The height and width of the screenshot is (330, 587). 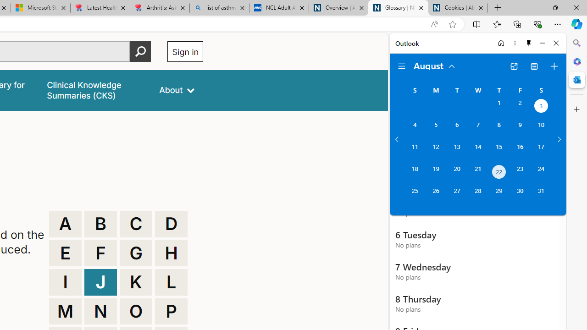 I want to click on 'Friday, August 16, 2024. ', so click(x=520, y=150).